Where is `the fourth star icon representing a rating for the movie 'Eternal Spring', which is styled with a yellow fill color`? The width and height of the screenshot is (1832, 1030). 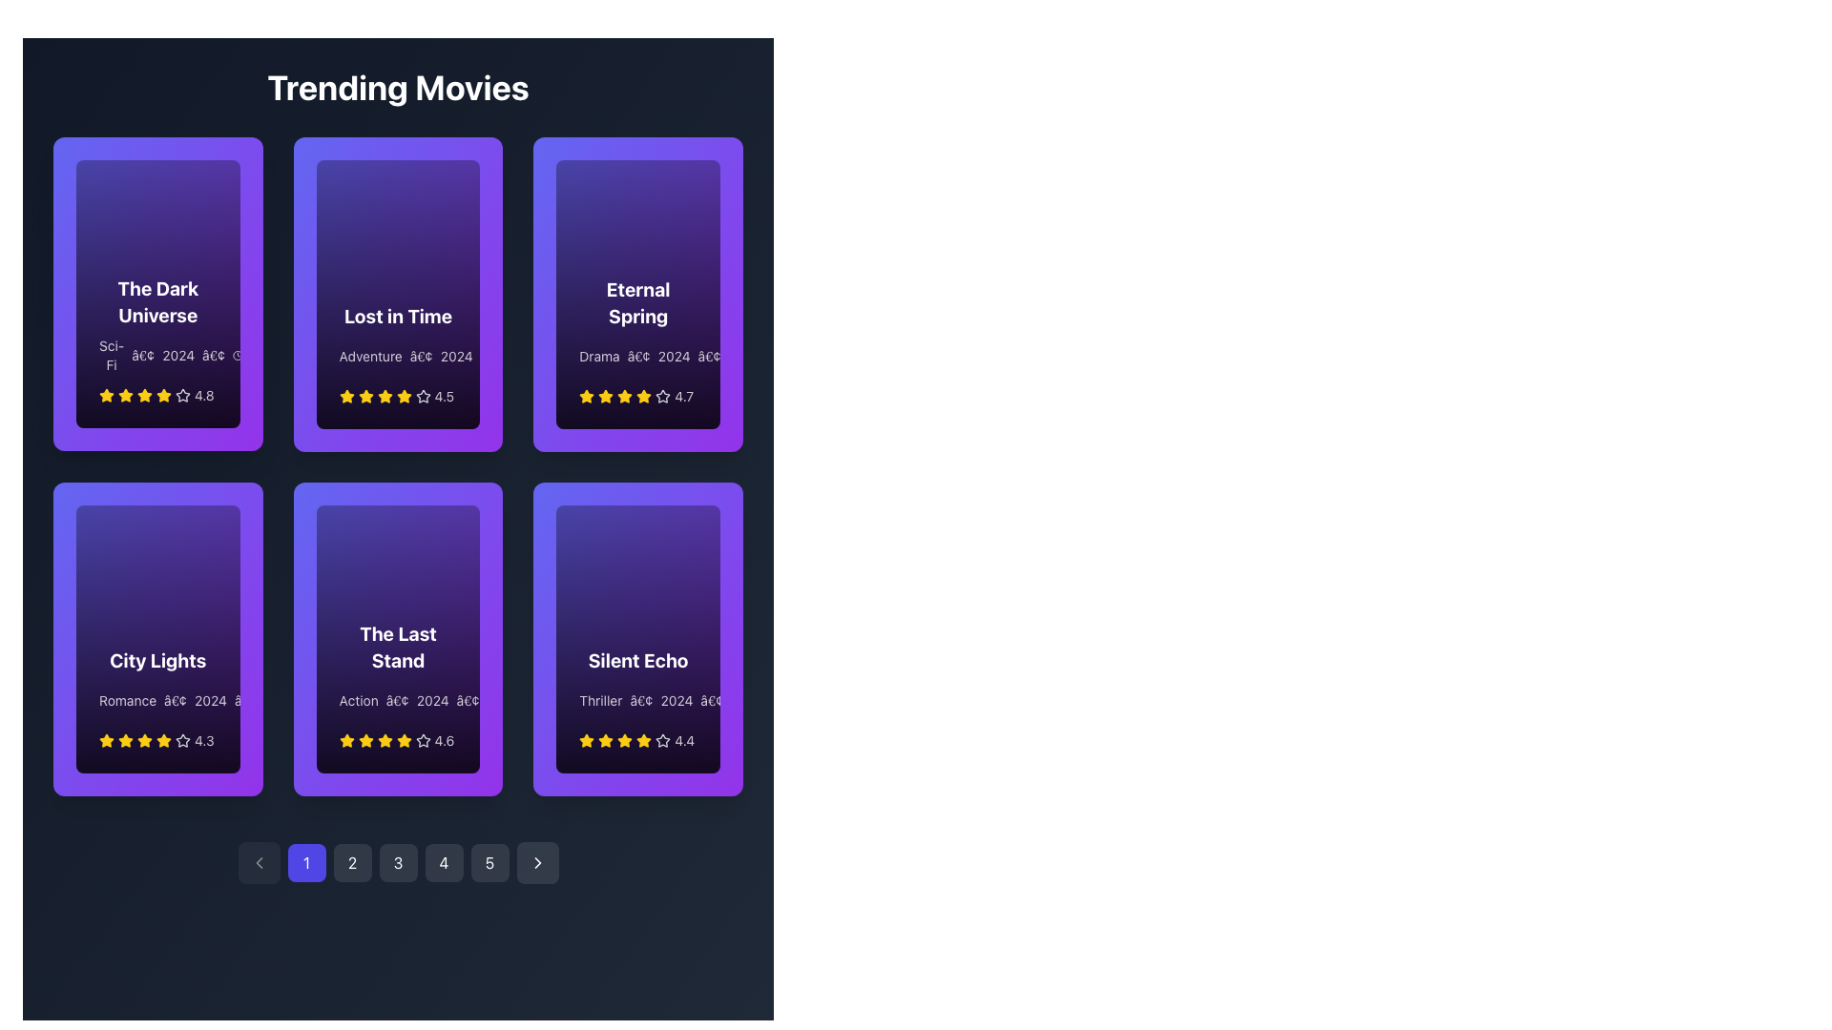 the fourth star icon representing a rating for the movie 'Eternal Spring', which is styled with a yellow fill color is located at coordinates (644, 395).